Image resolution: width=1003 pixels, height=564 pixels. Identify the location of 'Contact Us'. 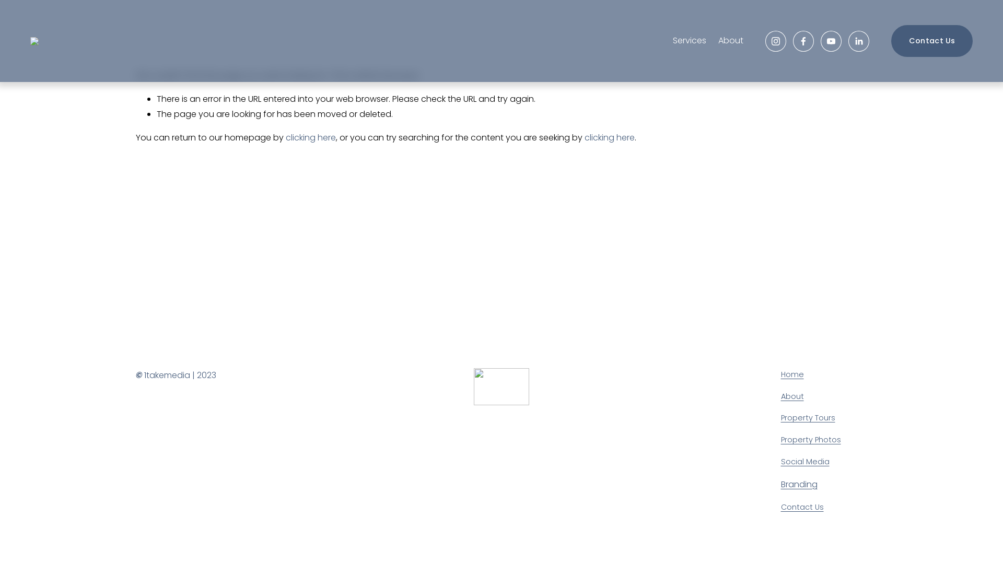
(890, 40).